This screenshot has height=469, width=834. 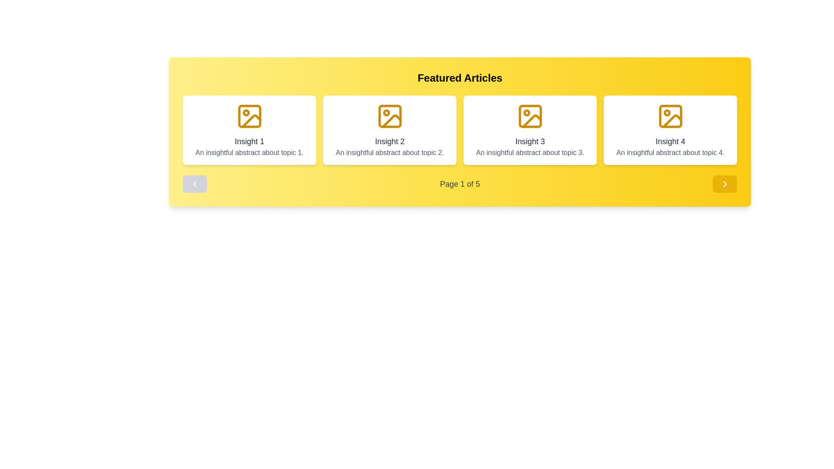 I want to click on the main title of the third card in a horizontally arranged list, which provides a concise textual representation of the card's content, located below the image icon and above the descriptive text block, so click(x=530, y=141).